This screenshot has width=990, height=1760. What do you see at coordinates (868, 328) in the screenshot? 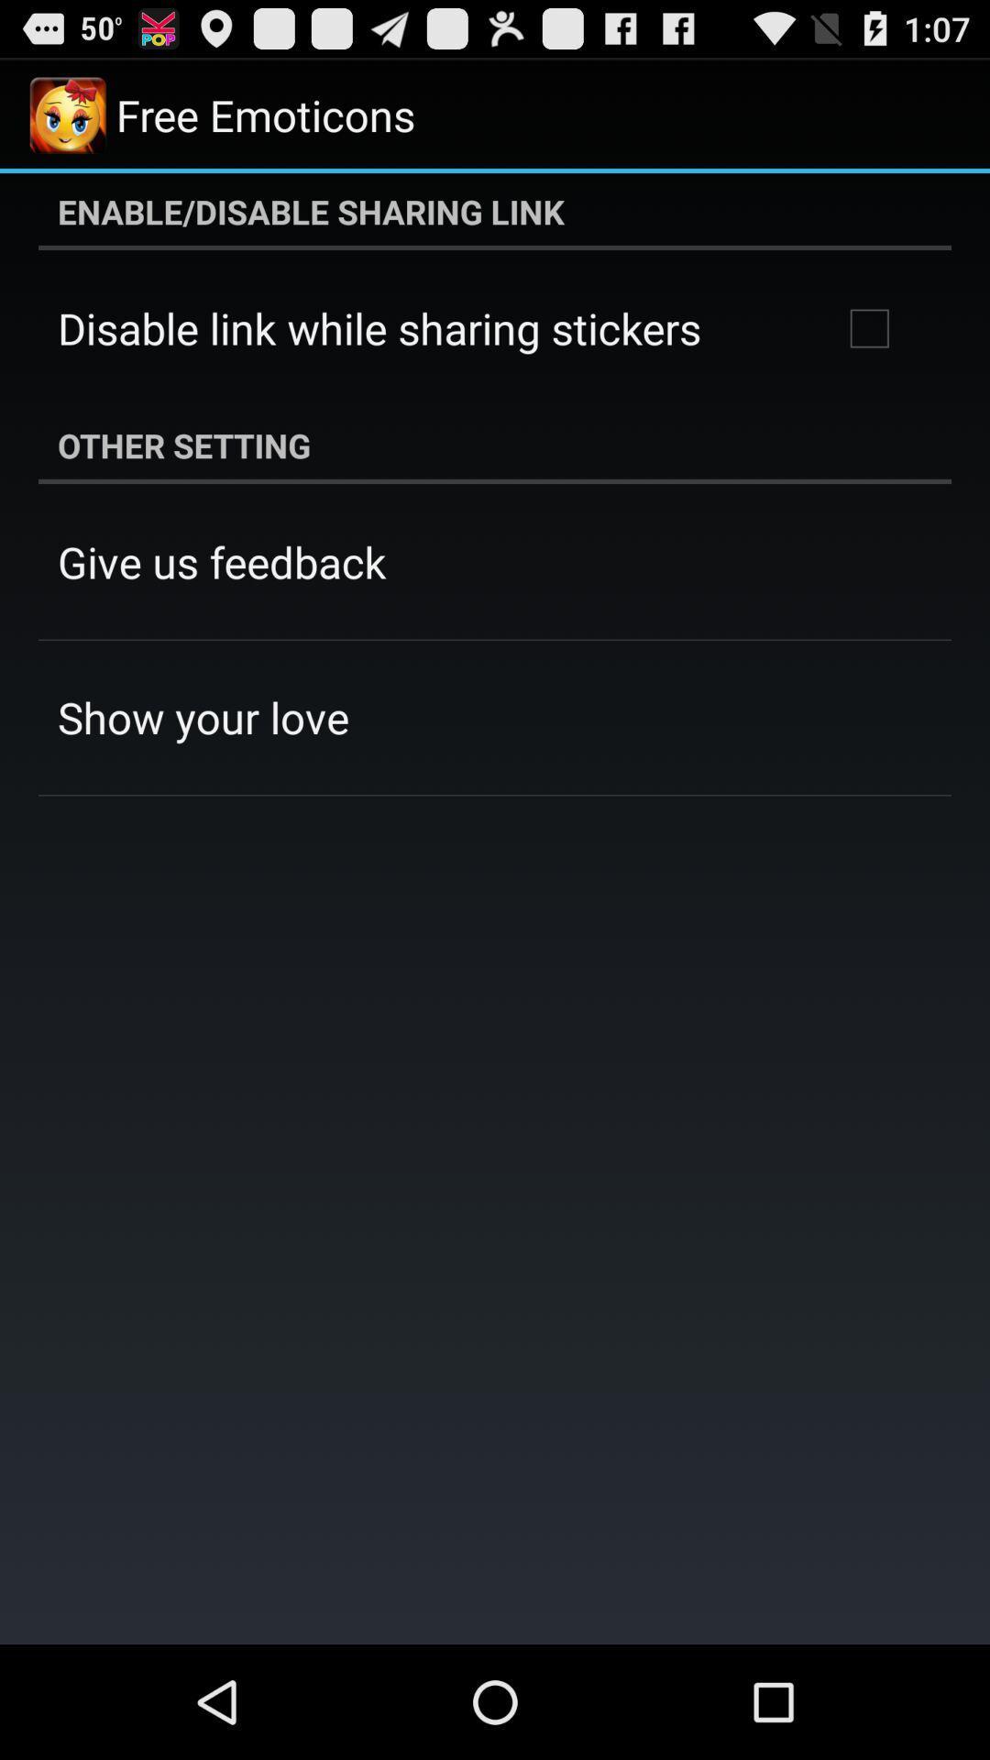
I see `app to the right of the disable link while app` at bounding box center [868, 328].